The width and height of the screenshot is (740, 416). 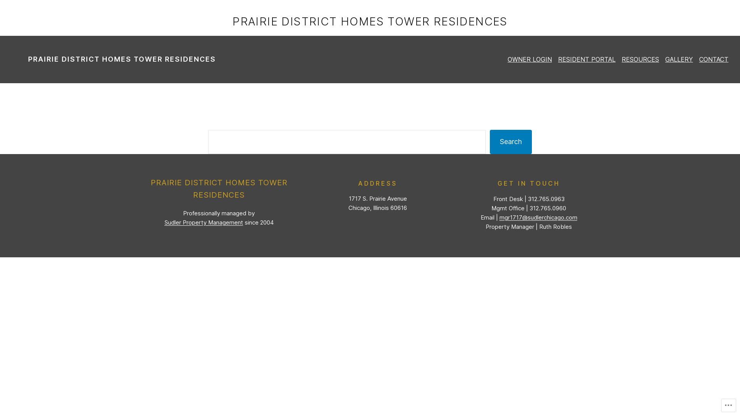 What do you see at coordinates (203, 222) in the screenshot?
I see `'Sudler Property Management'` at bounding box center [203, 222].